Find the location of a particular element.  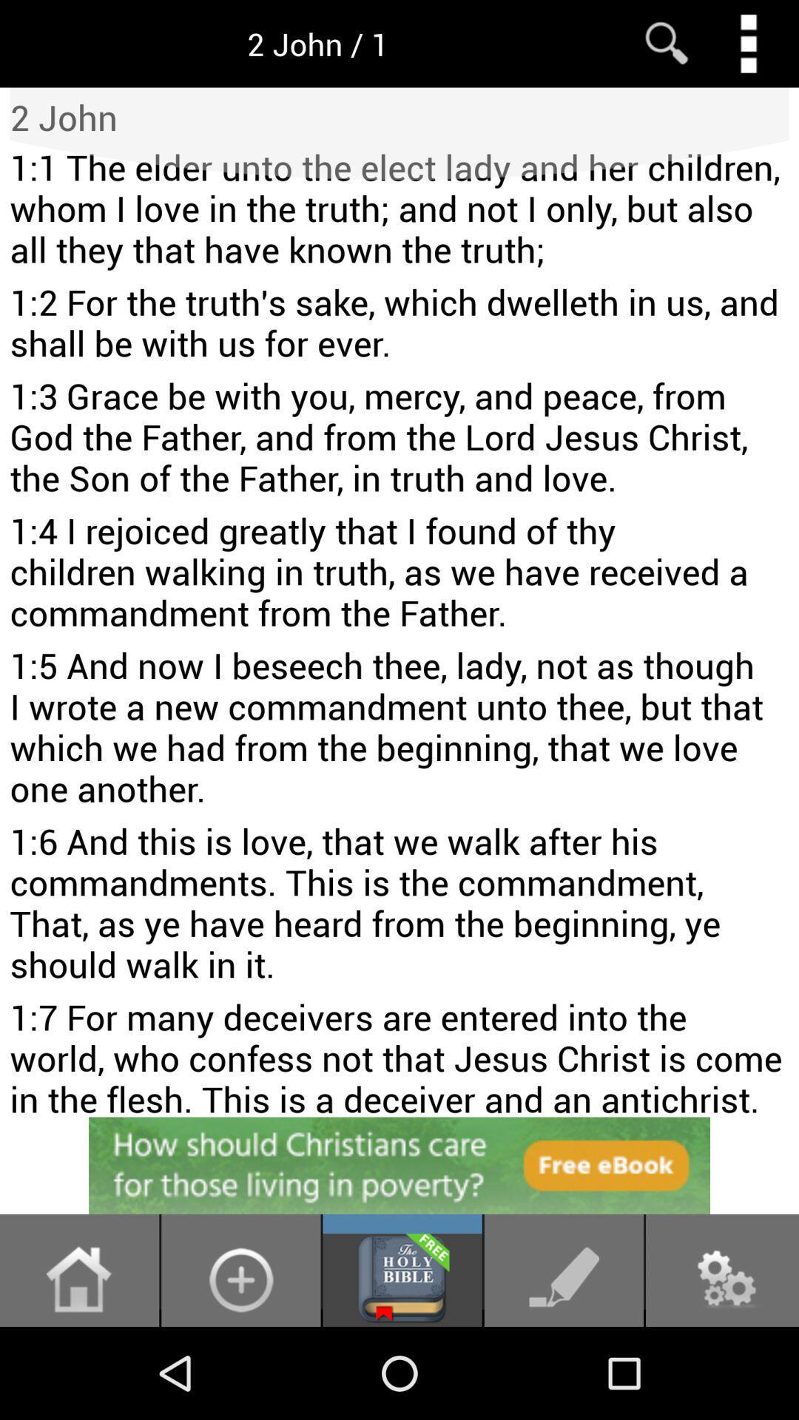

the lock icon is located at coordinates (240, 1369).